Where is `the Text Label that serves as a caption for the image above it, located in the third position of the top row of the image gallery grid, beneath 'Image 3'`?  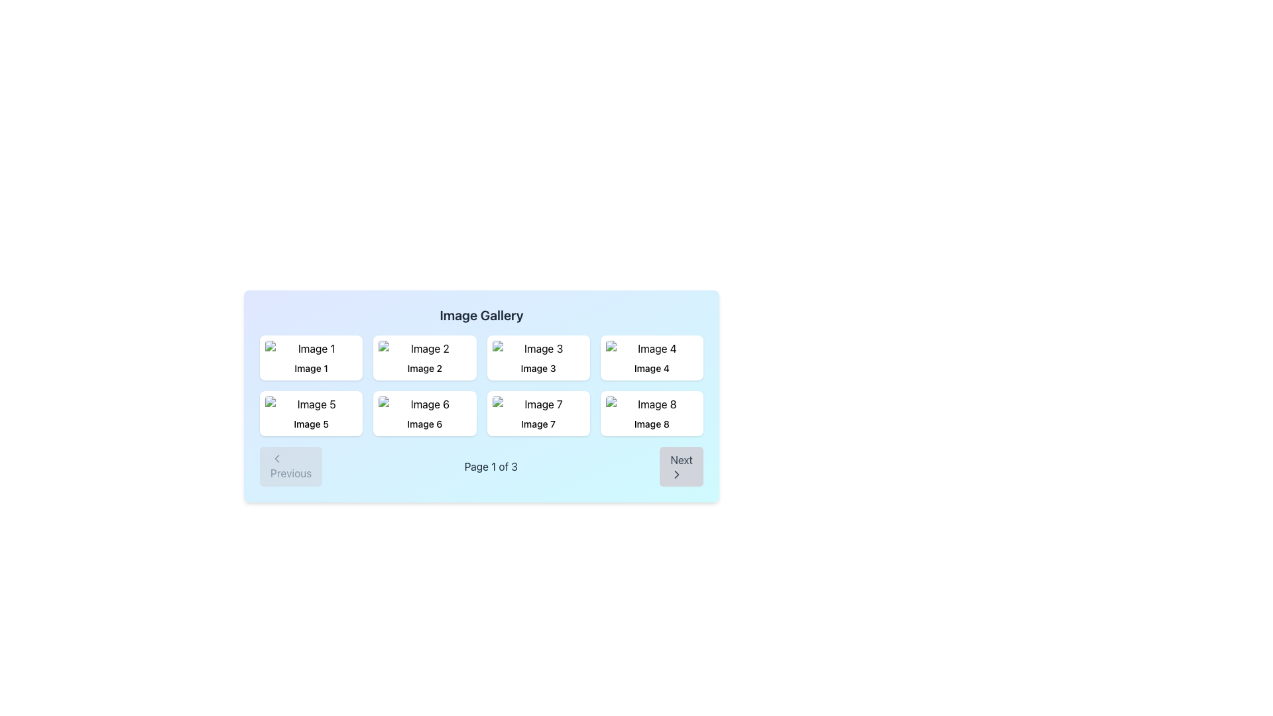
the Text Label that serves as a caption for the image above it, located in the third position of the top row of the image gallery grid, beneath 'Image 3' is located at coordinates (538, 368).